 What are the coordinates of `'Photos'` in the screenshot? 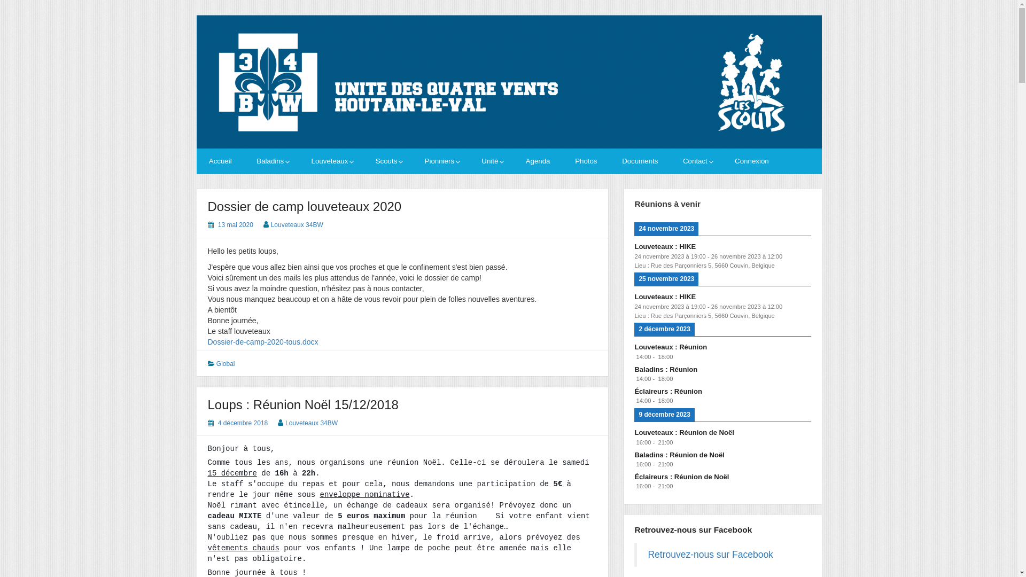 It's located at (586, 161).